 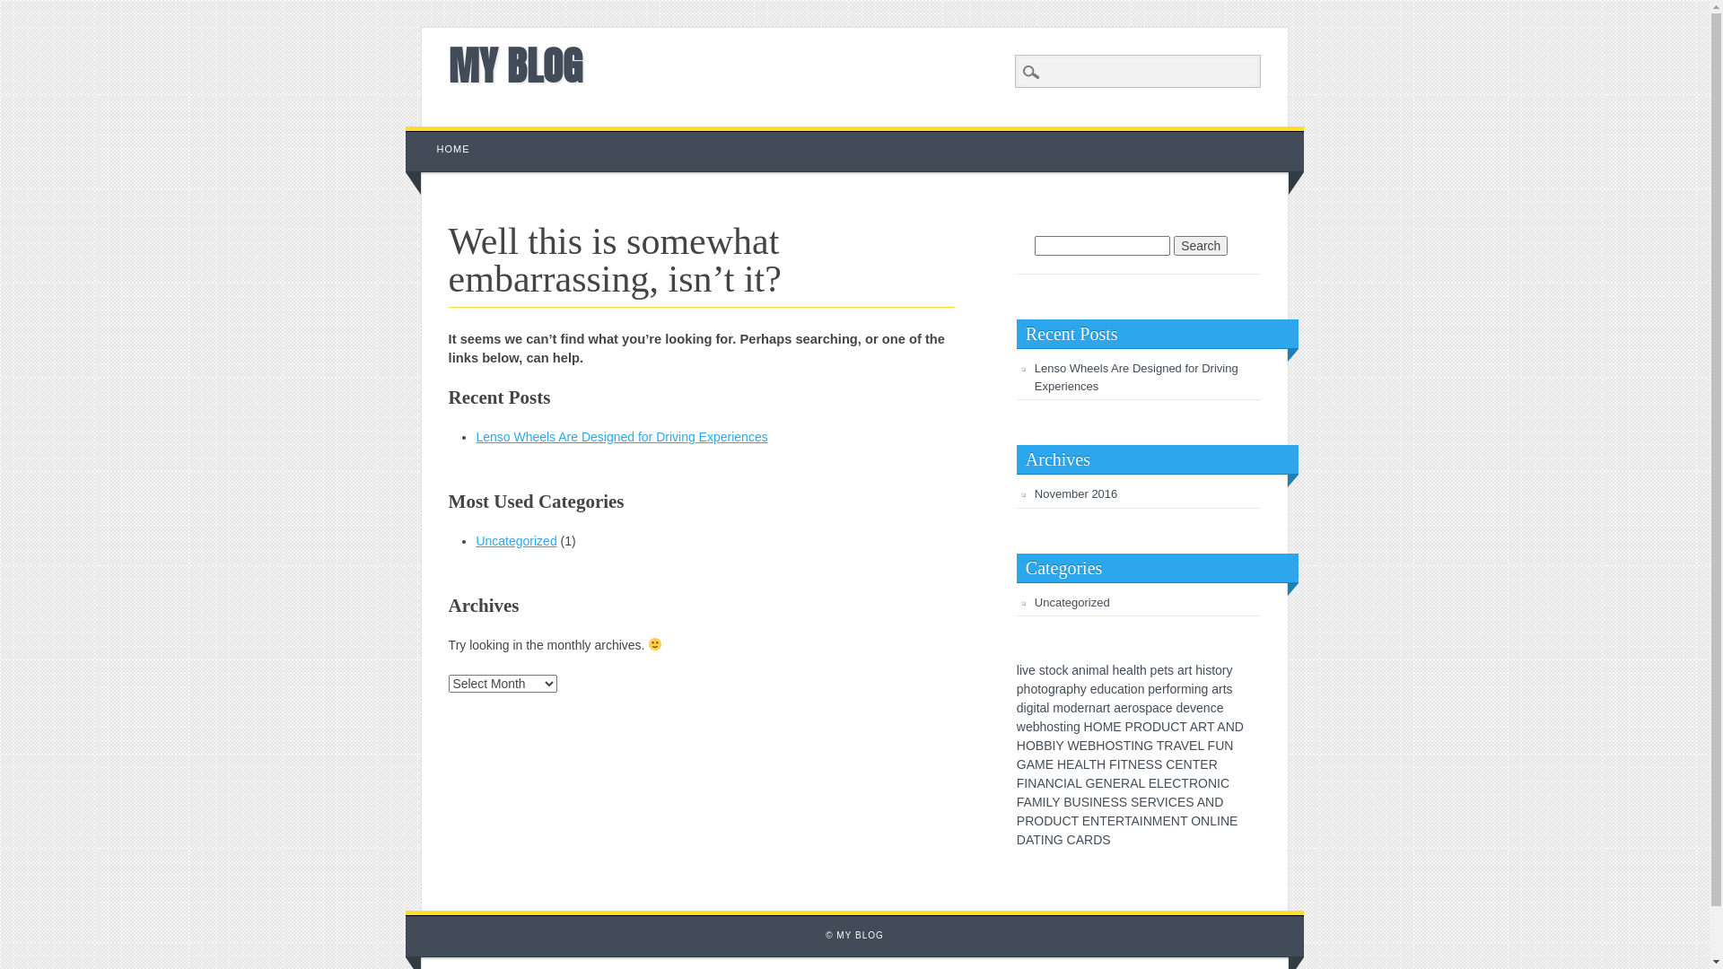 What do you see at coordinates (1063, 687) in the screenshot?
I see `'a'` at bounding box center [1063, 687].